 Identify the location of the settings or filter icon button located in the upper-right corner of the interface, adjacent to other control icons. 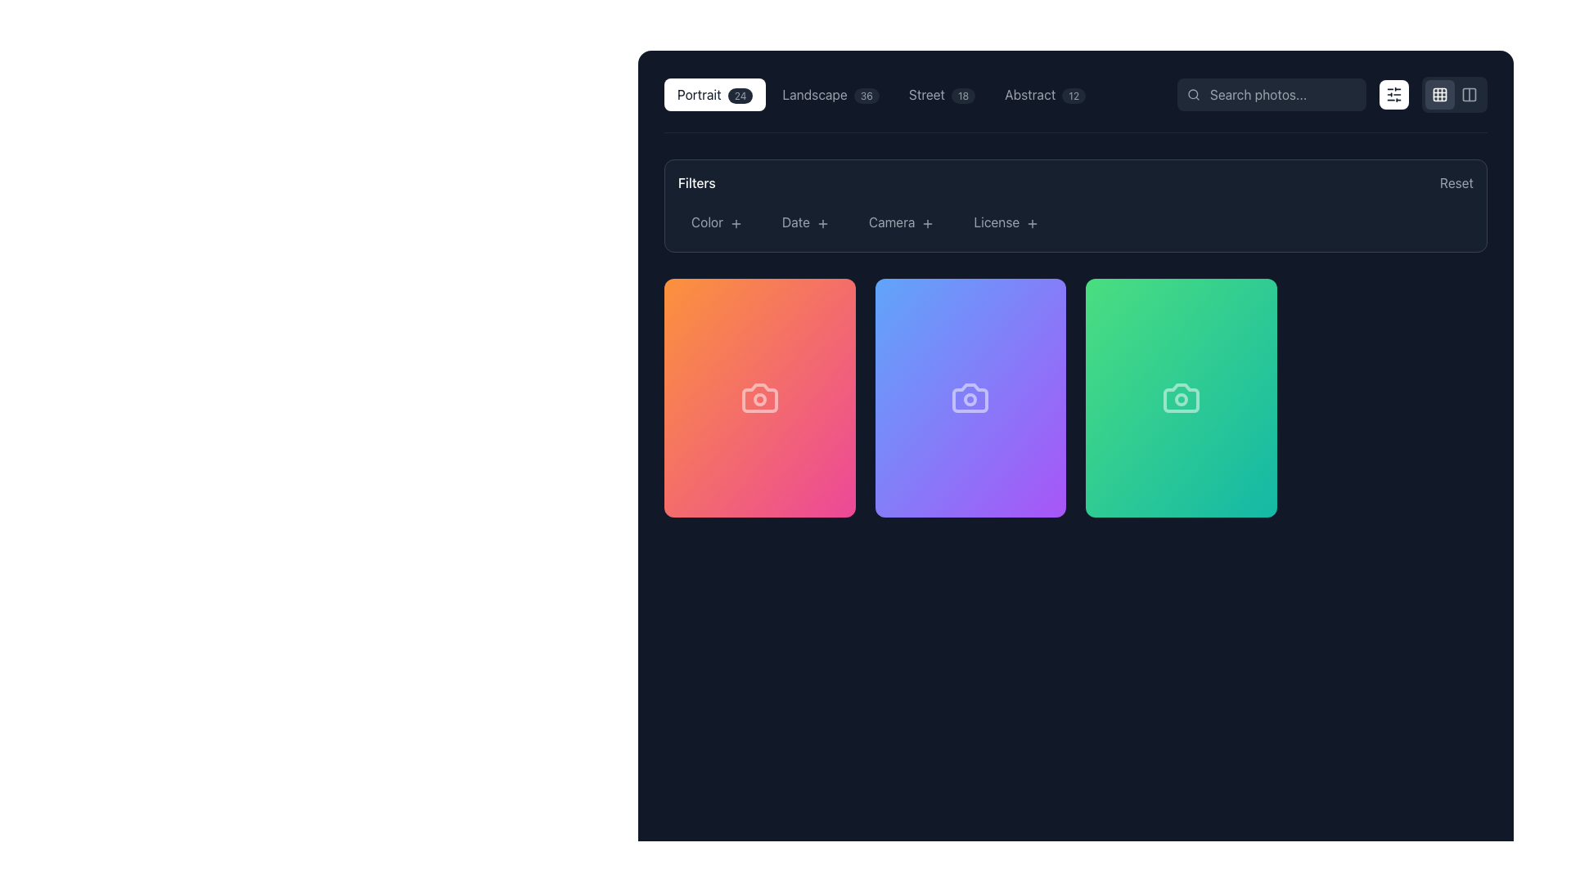
(1393, 94).